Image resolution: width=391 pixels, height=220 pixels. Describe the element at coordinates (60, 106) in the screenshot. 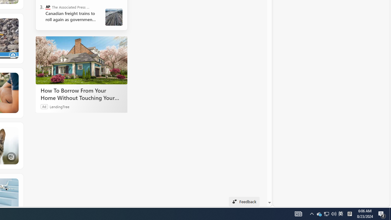

I see `'LendingTree'` at that location.